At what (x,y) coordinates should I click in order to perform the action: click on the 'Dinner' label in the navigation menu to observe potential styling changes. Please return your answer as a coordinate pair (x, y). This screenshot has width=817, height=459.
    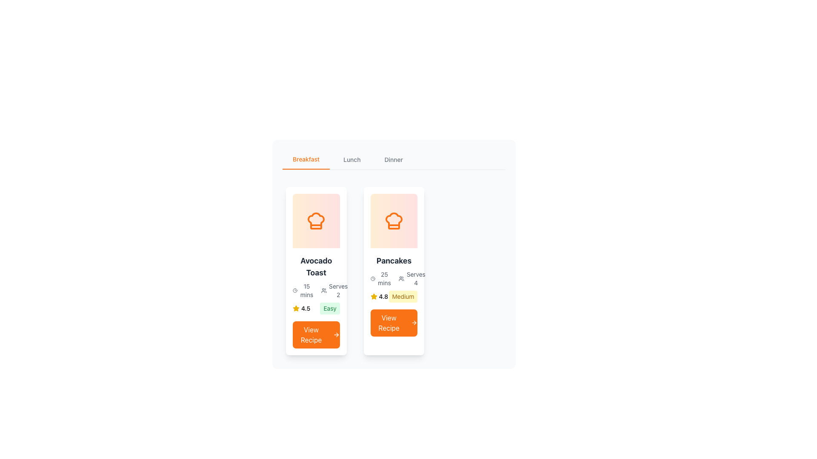
    Looking at the image, I should click on (393, 159).